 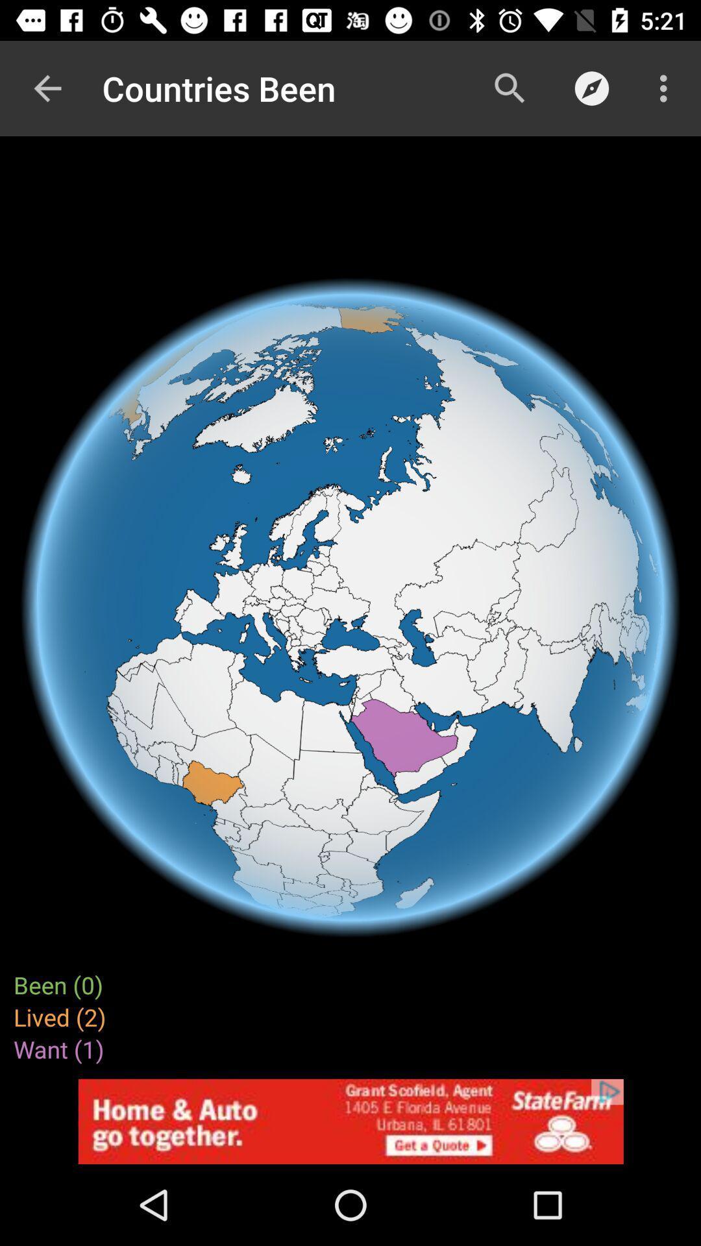 I want to click on open an advertisements, so click(x=350, y=1121).